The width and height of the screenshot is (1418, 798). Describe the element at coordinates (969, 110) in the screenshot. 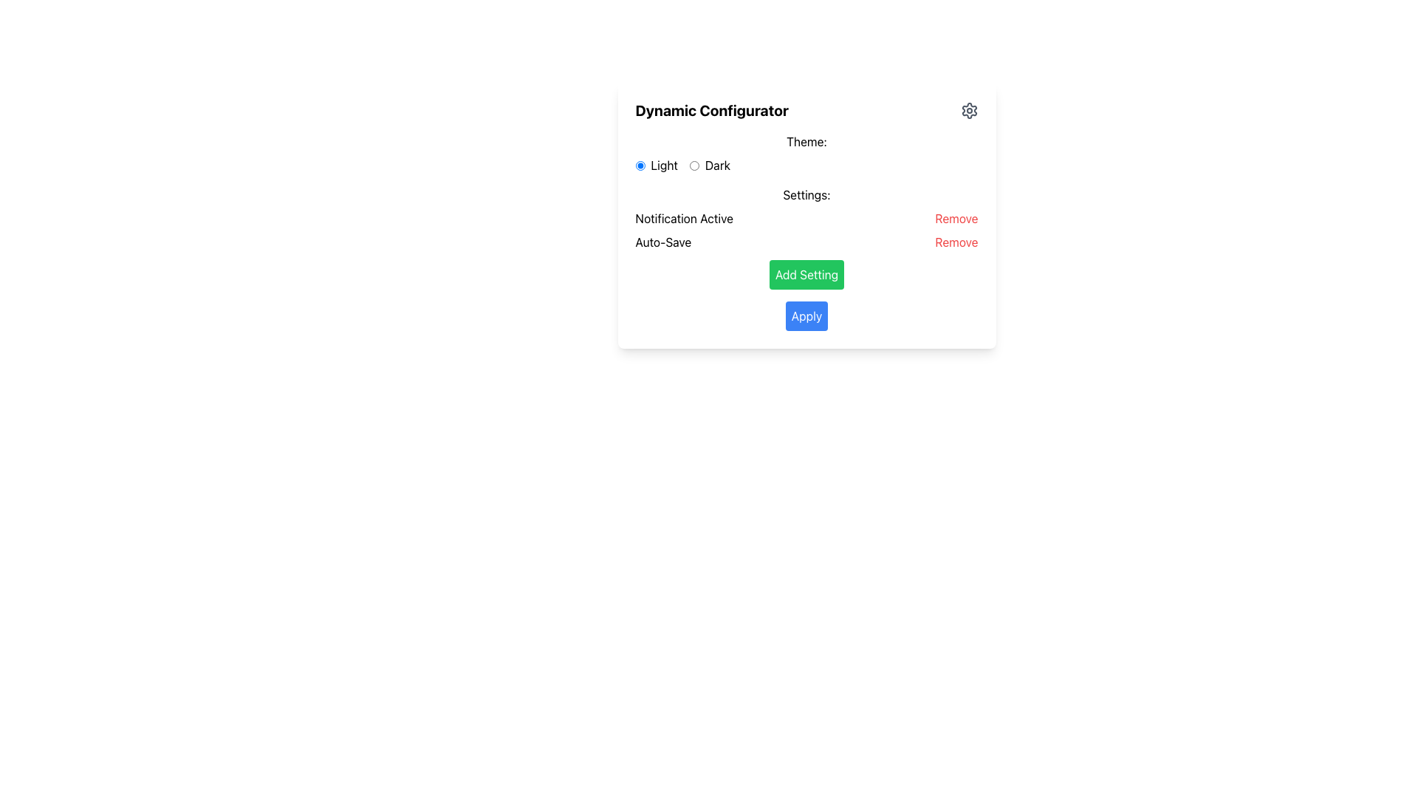

I see `the gear-shaped Settings icon located in the upper-right corner of the interface within the 'Dynamic Configurator' box` at that location.